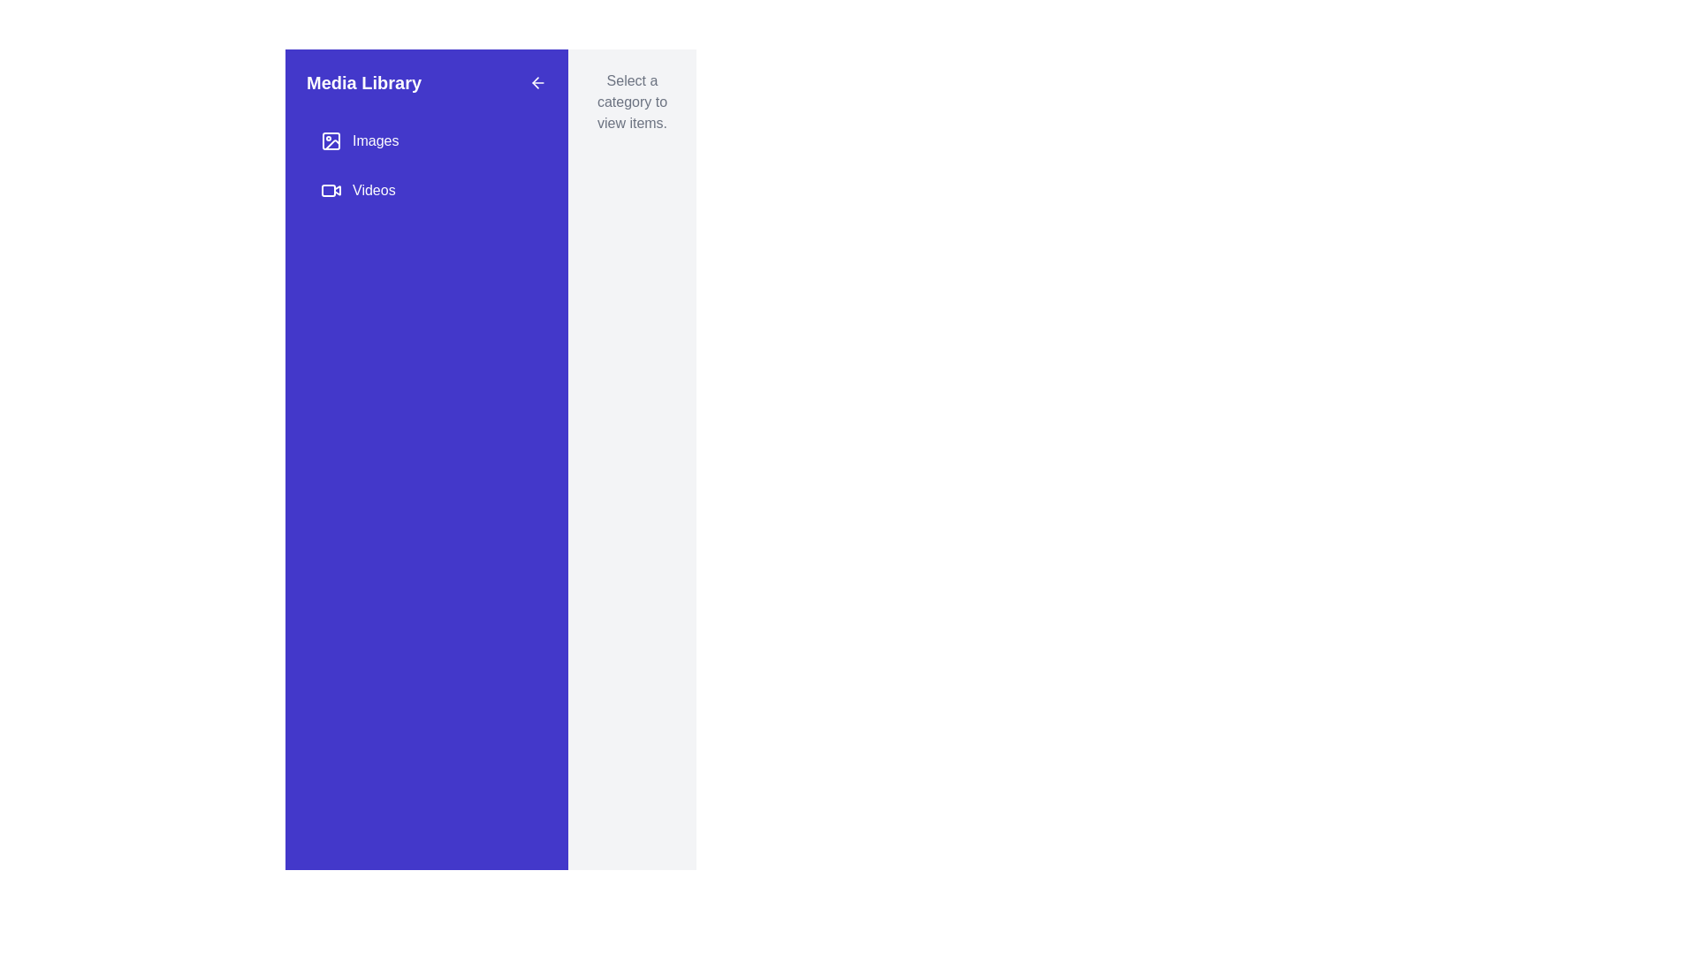 The image size is (1697, 954). I want to click on the grouped menu navigation element containing 'Images' and 'Videos' options, so click(427, 166).